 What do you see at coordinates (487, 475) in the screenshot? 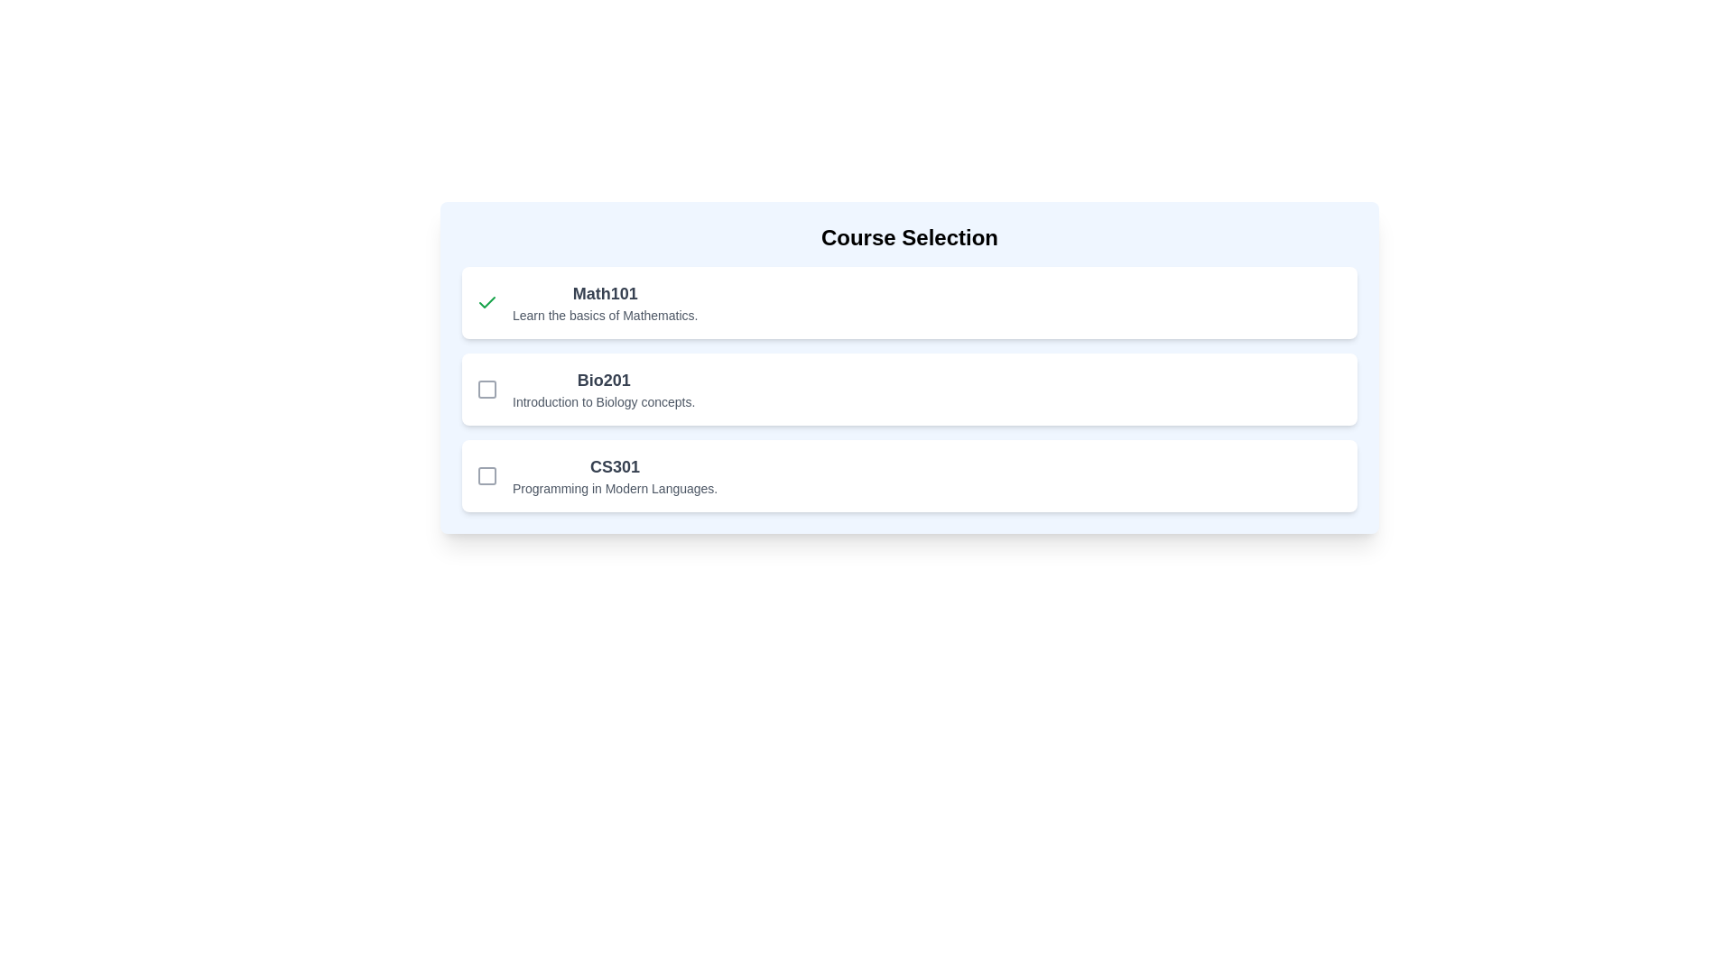
I see `the SVG rectangle checkbox for the 'CS301' course` at bounding box center [487, 475].